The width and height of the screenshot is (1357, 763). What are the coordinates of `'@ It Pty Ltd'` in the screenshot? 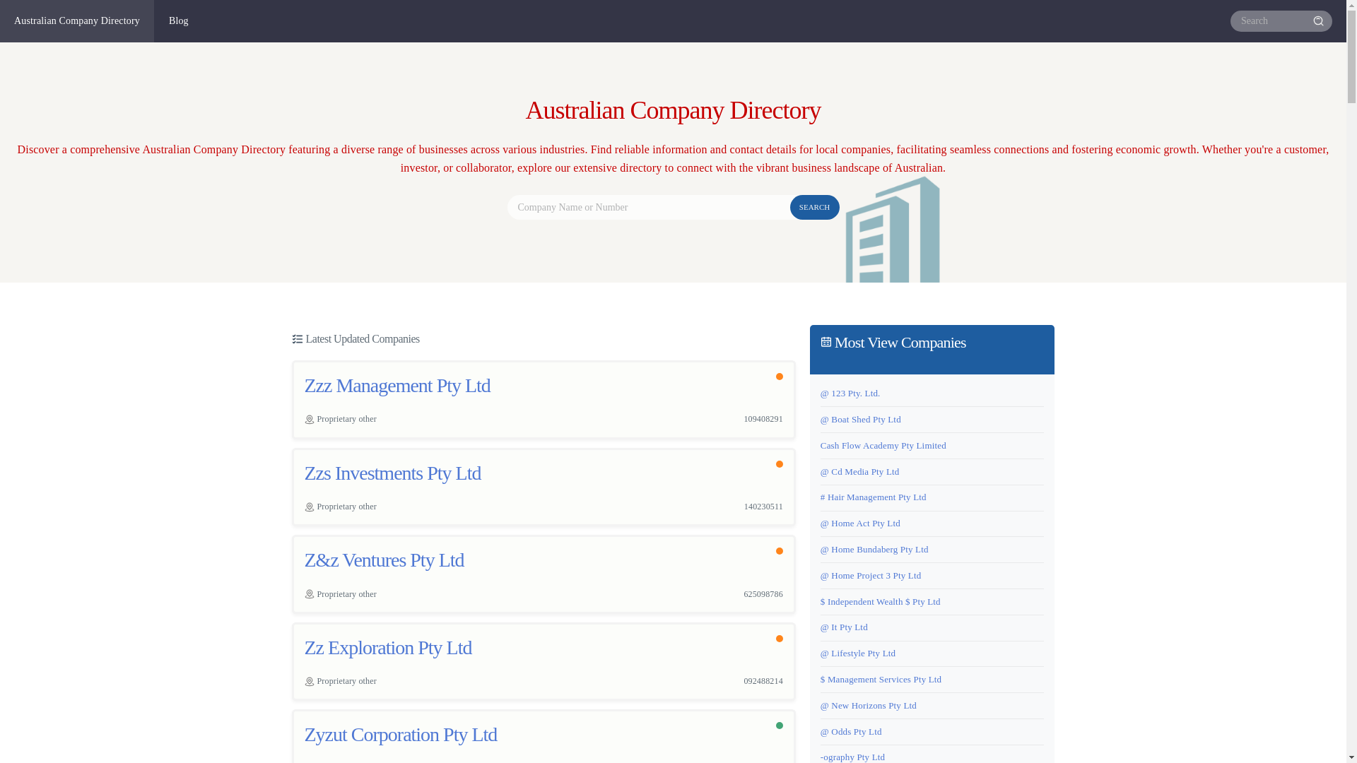 It's located at (844, 626).